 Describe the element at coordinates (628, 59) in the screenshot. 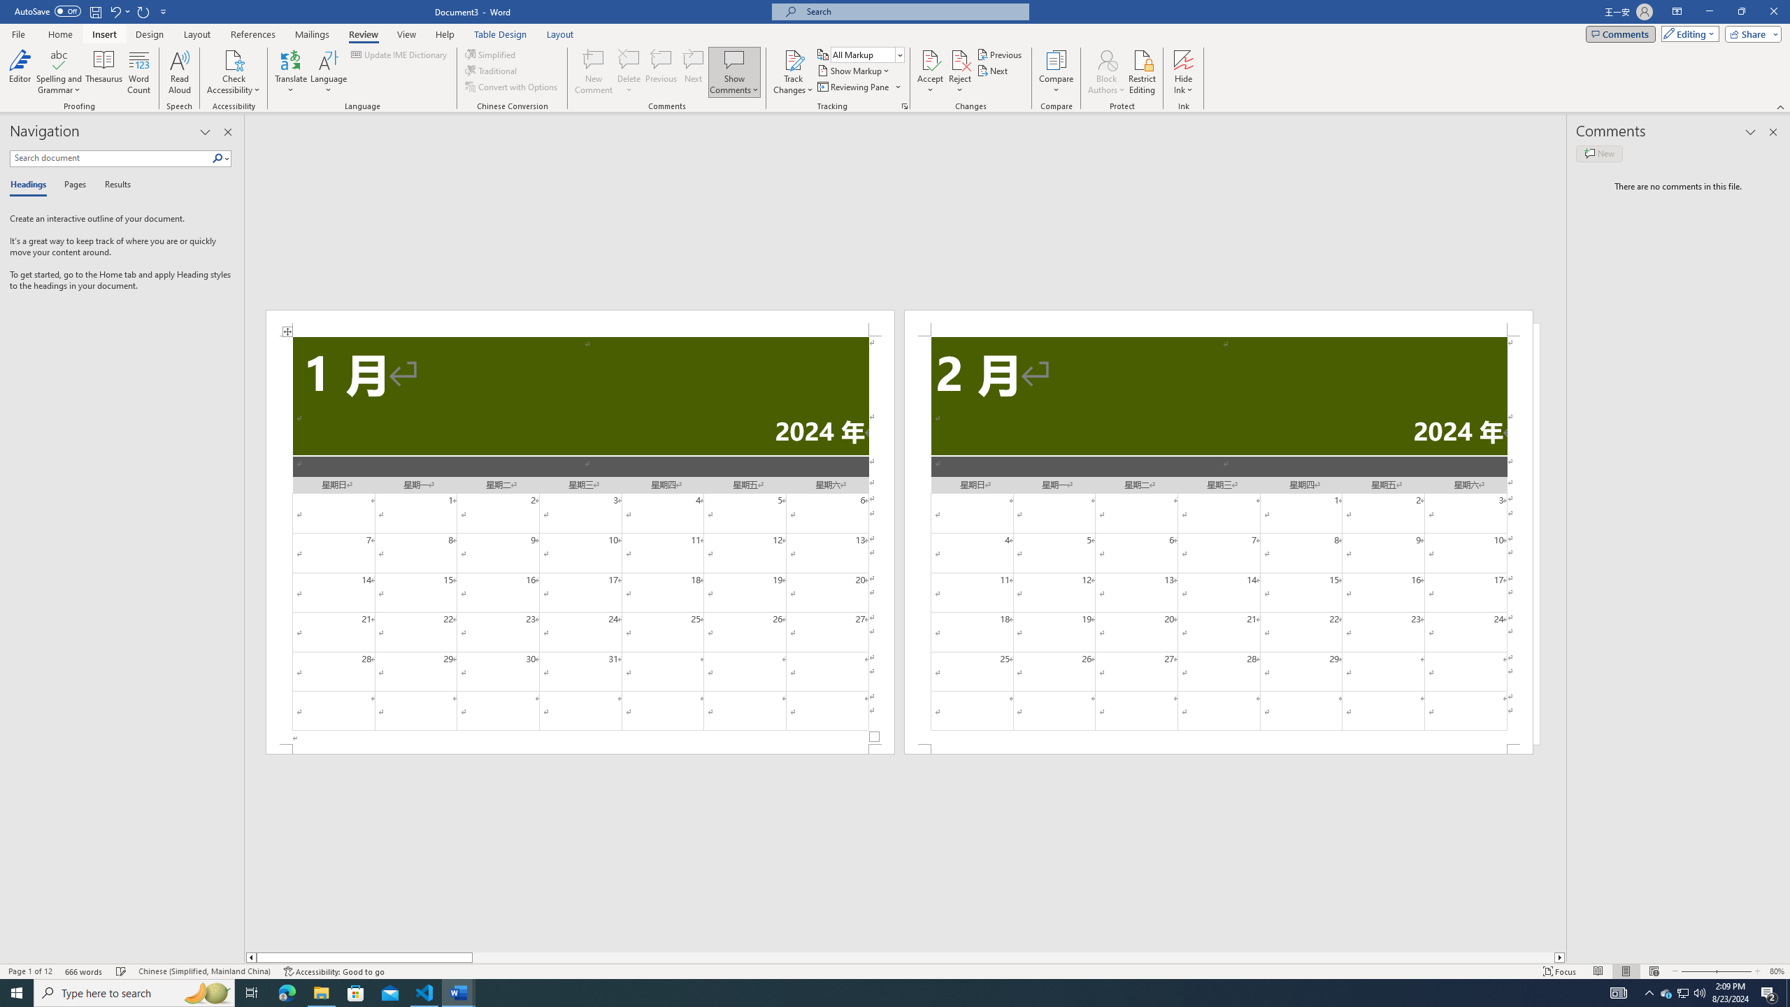

I see `'Delete'` at that location.